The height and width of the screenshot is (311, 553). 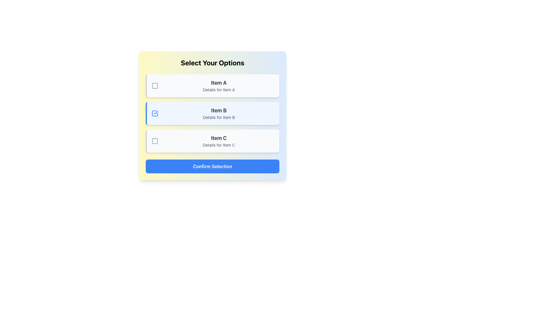 What do you see at coordinates (218, 117) in the screenshot?
I see `text displayed in the Text Label below the heading 'Item B' in the card associated with 'Item B', which provides additional context or details` at bounding box center [218, 117].